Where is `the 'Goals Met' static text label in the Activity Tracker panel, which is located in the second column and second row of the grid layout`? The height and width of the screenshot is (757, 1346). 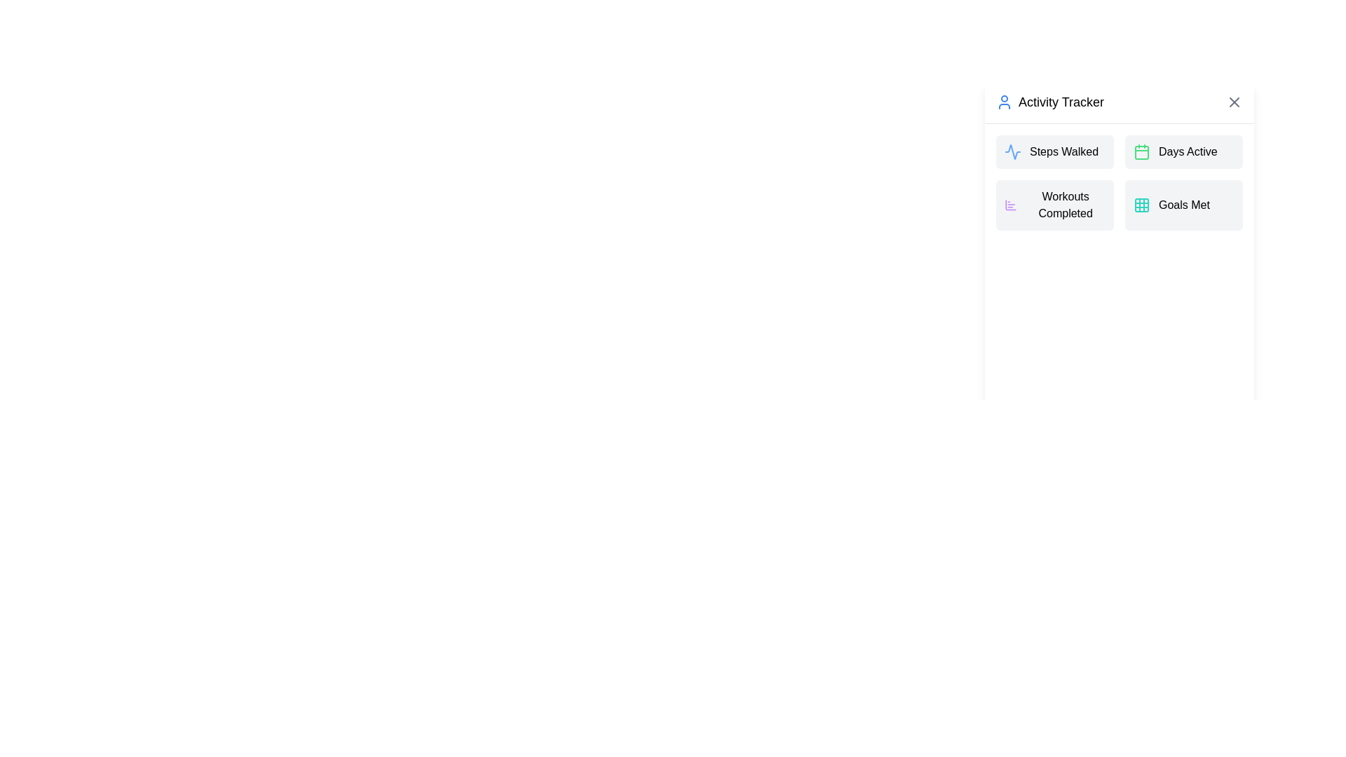 the 'Goals Met' static text label in the Activity Tracker panel, which is located in the second column and second row of the grid layout is located at coordinates (1183, 205).